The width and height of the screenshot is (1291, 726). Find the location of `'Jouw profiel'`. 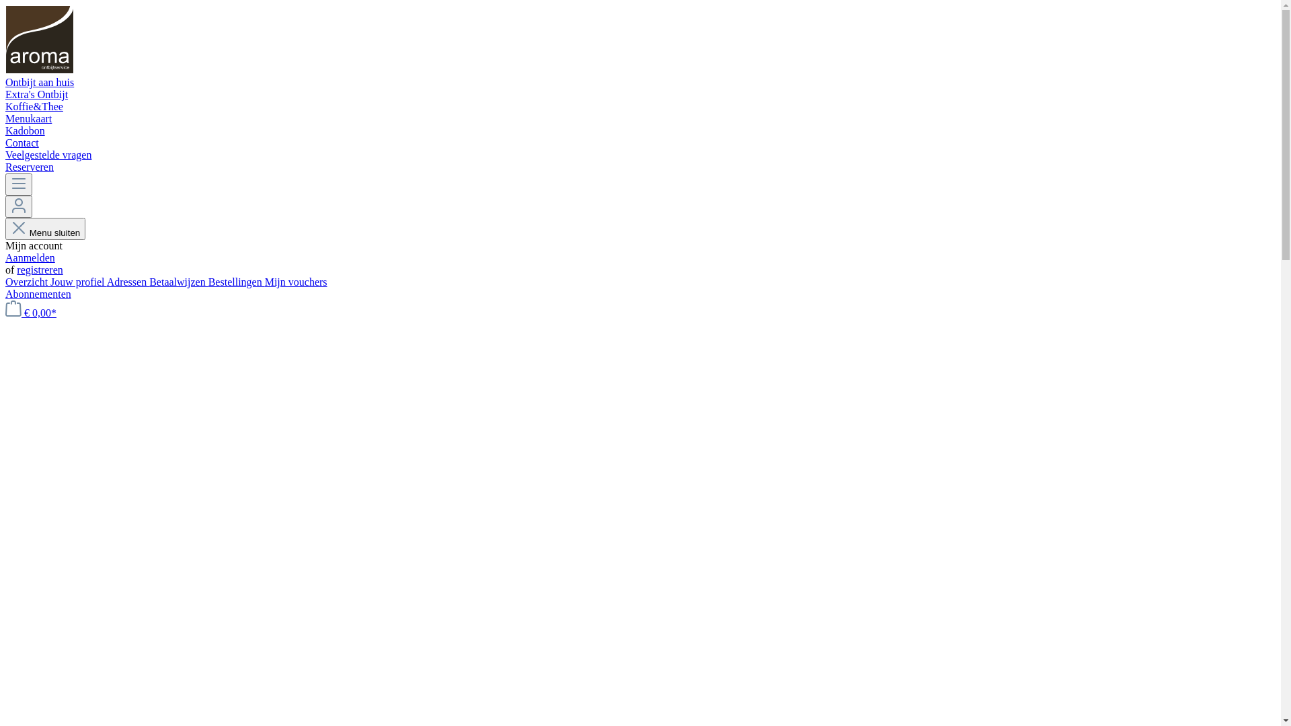

'Jouw profiel' is located at coordinates (77, 281).